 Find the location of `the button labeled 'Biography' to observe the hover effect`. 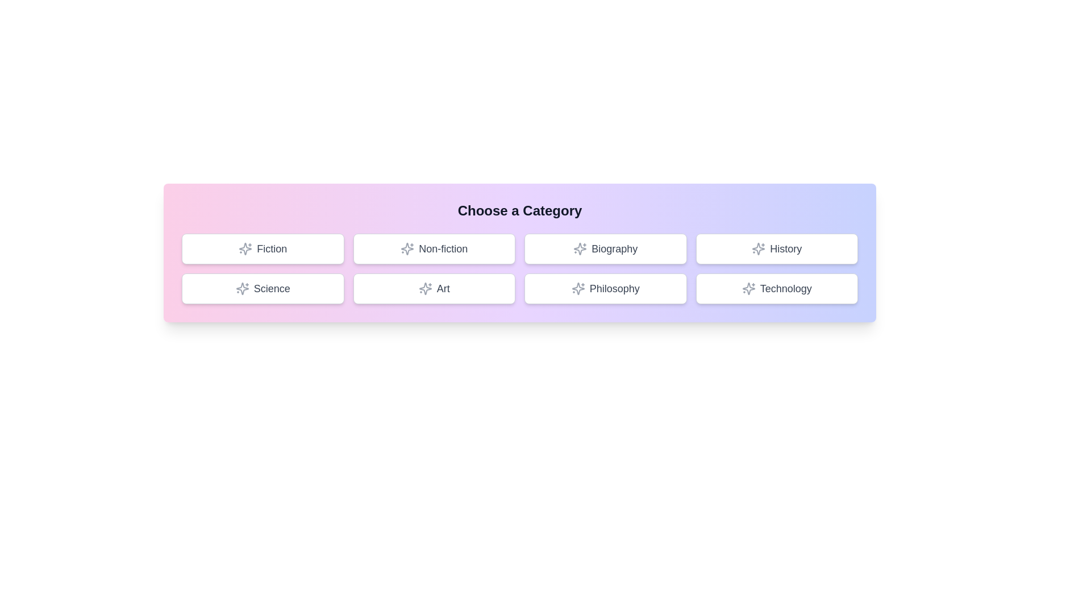

the button labeled 'Biography' to observe the hover effect is located at coordinates (605, 248).